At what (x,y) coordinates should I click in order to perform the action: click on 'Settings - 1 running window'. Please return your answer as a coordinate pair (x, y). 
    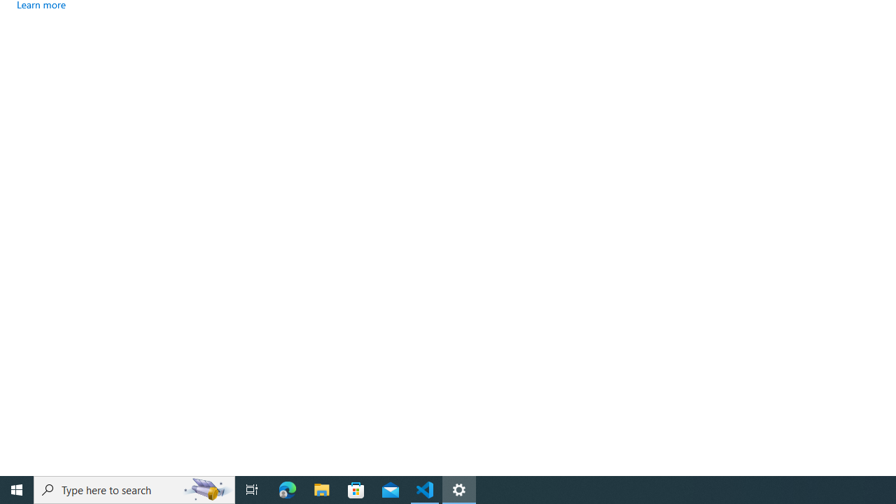
    Looking at the image, I should click on (459, 489).